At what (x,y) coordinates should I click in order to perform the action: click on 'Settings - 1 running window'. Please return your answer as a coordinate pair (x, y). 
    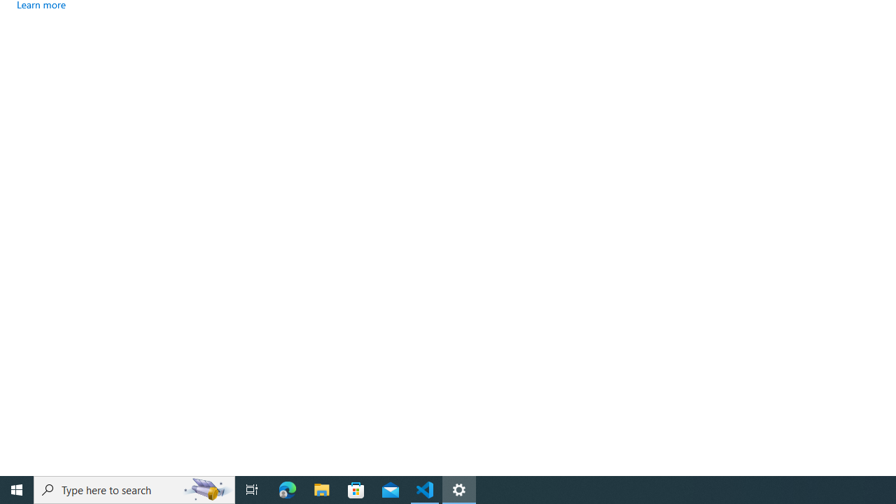
    Looking at the image, I should click on (459, 489).